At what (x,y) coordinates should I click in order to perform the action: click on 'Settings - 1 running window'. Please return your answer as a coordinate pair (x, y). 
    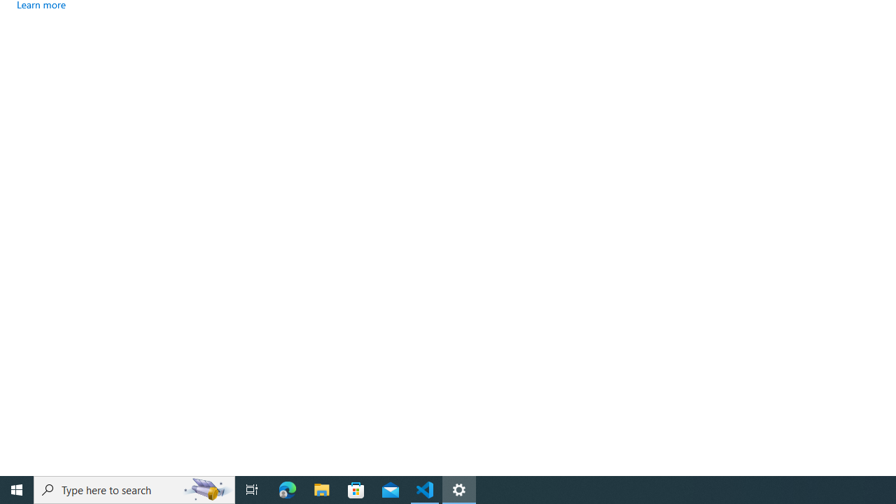
    Looking at the image, I should click on (459, 489).